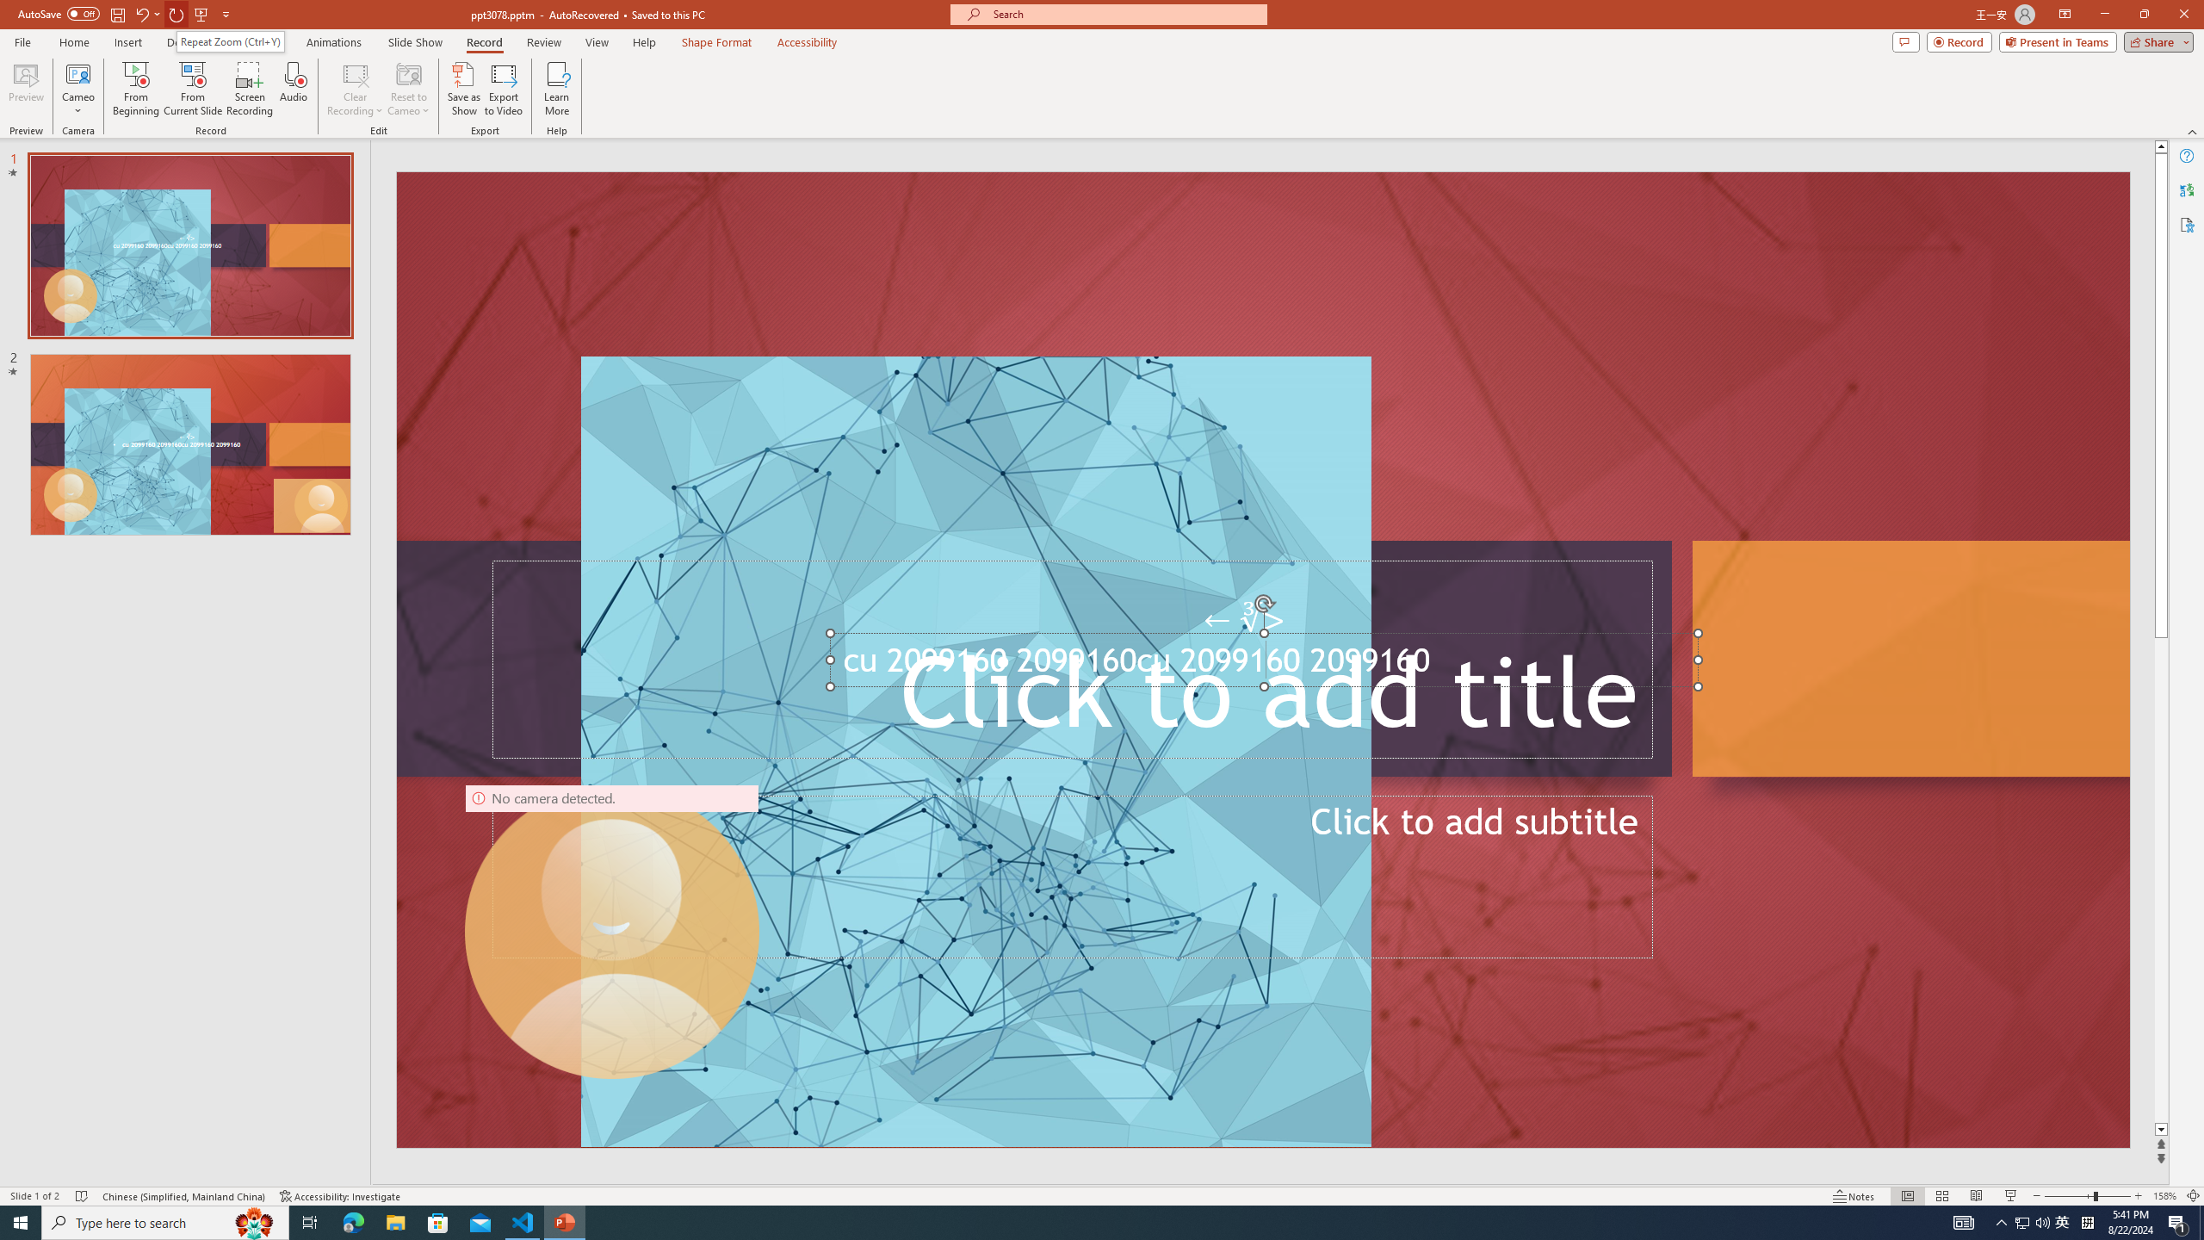 This screenshot has height=1240, width=2204. Describe the element at coordinates (229, 40) in the screenshot. I see `'Repeat Zoom (Ctrl+Y)'` at that location.